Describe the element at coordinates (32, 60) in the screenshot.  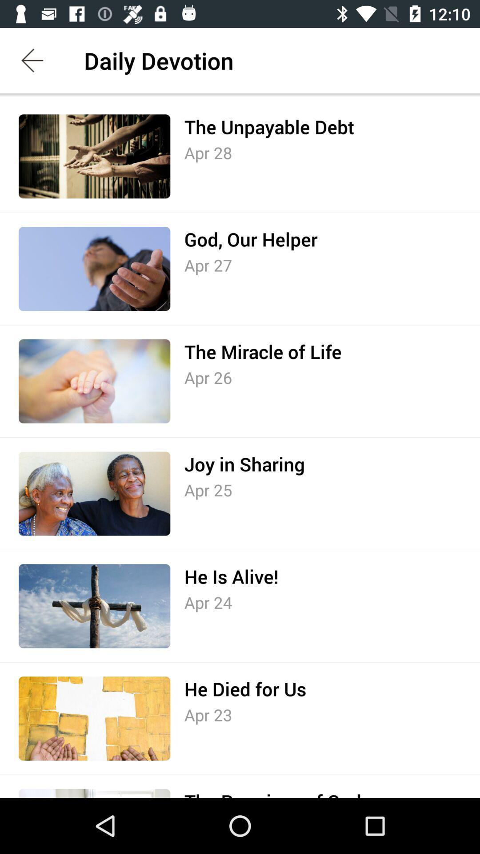
I see `the icon to the left of daily devotion` at that location.